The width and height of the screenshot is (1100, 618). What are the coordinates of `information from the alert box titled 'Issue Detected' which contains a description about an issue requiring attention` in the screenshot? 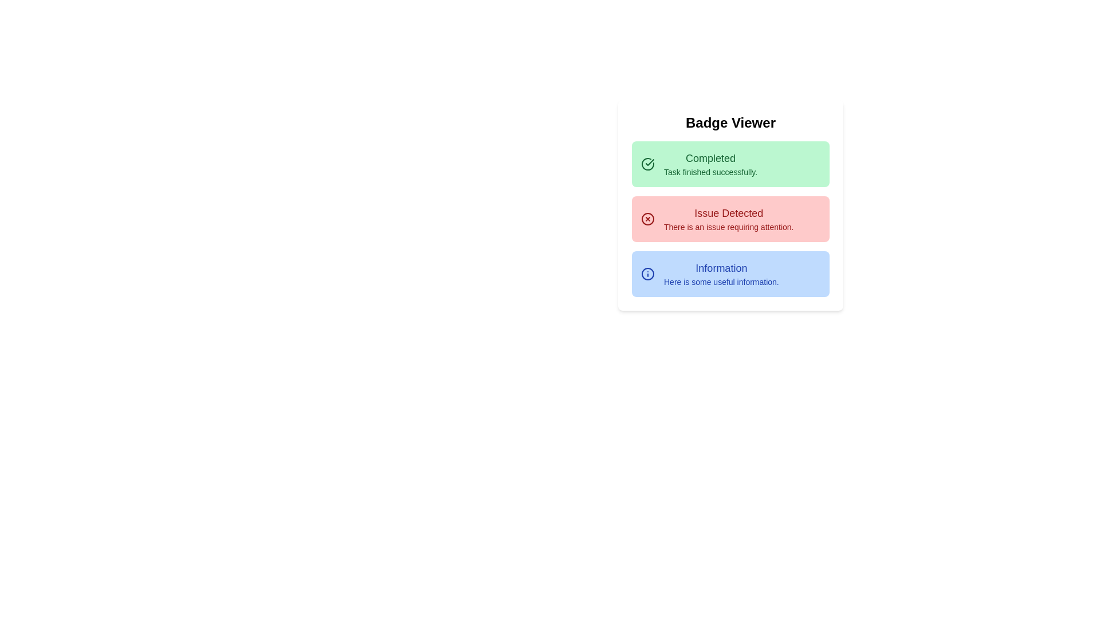 It's located at (730, 219).